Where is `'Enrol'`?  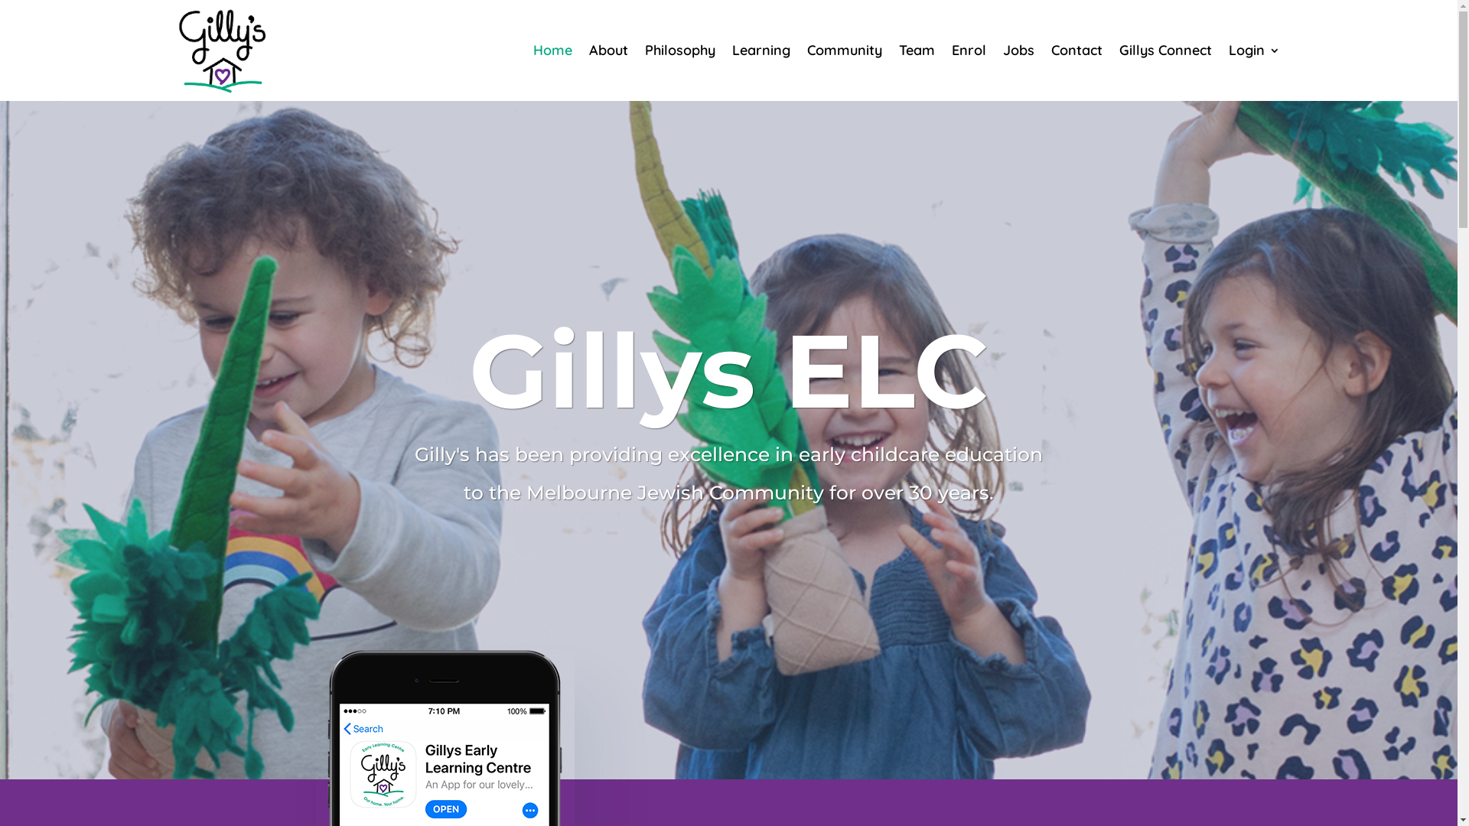 'Enrol' is located at coordinates (968, 49).